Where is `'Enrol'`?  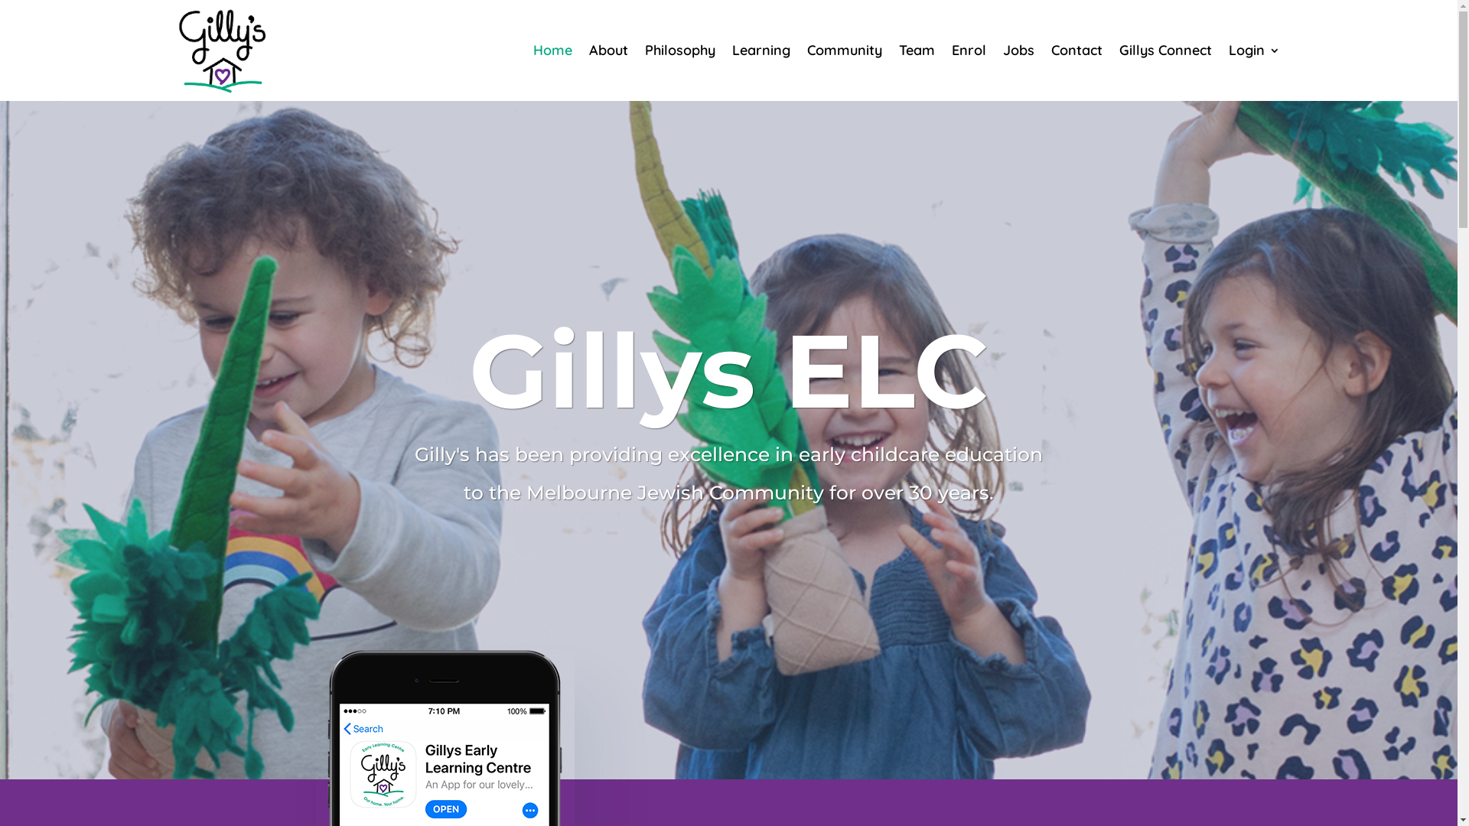 'Enrol' is located at coordinates (968, 49).